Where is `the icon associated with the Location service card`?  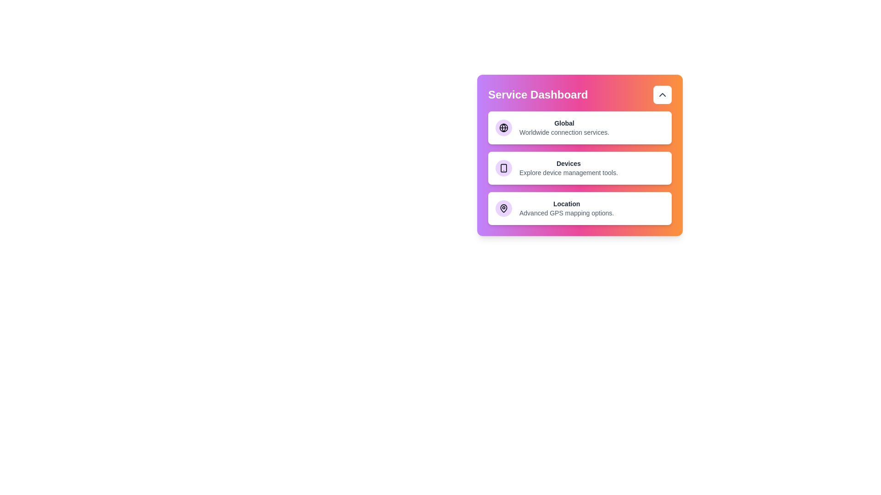
the icon associated with the Location service card is located at coordinates (503, 209).